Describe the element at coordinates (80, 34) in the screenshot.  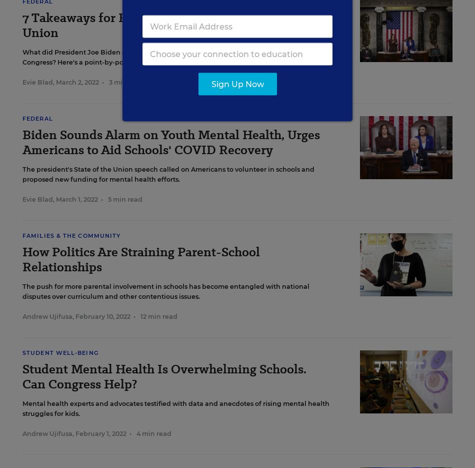
I see `'EdWeek Research Center'` at that location.